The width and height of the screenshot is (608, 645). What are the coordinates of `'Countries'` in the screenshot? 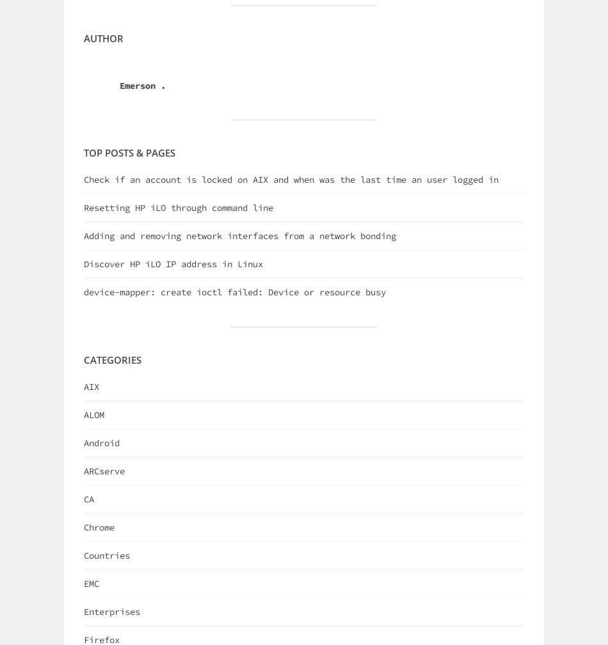 It's located at (107, 555).